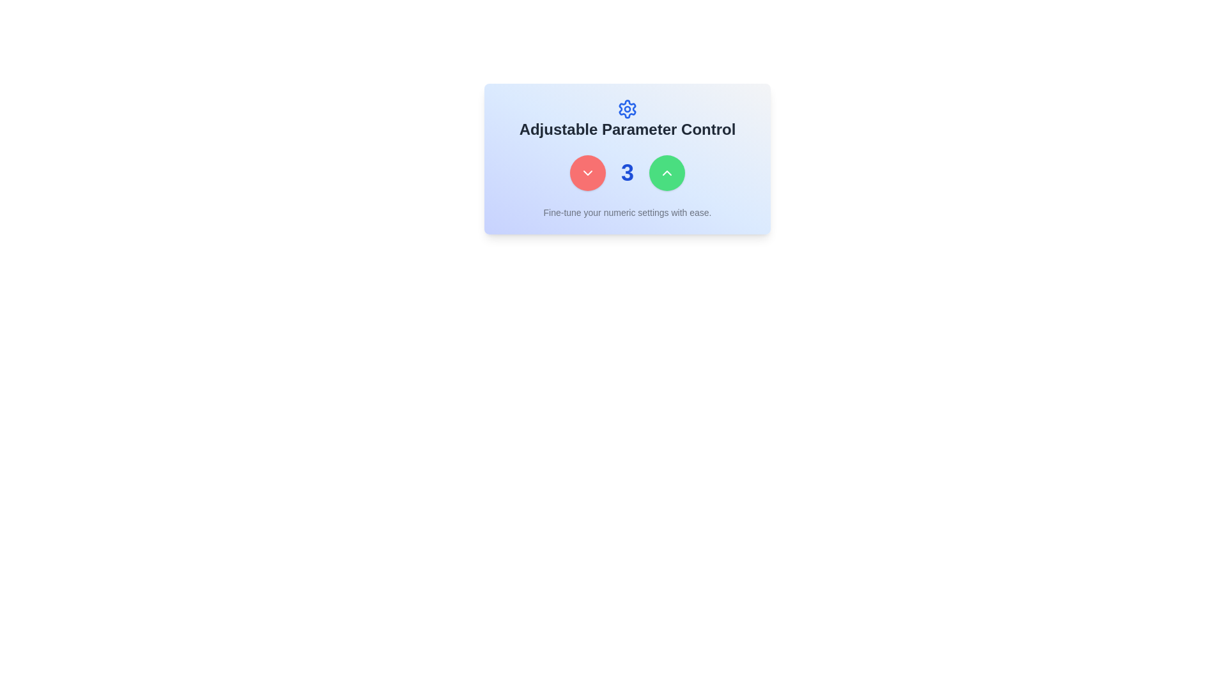 This screenshot has height=690, width=1227. Describe the element at coordinates (628, 172) in the screenshot. I see `the large blue number '3' displayed in bold font at the center of the numeric control interface, which is part of the 'Adjustable Parameter Control'` at that location.